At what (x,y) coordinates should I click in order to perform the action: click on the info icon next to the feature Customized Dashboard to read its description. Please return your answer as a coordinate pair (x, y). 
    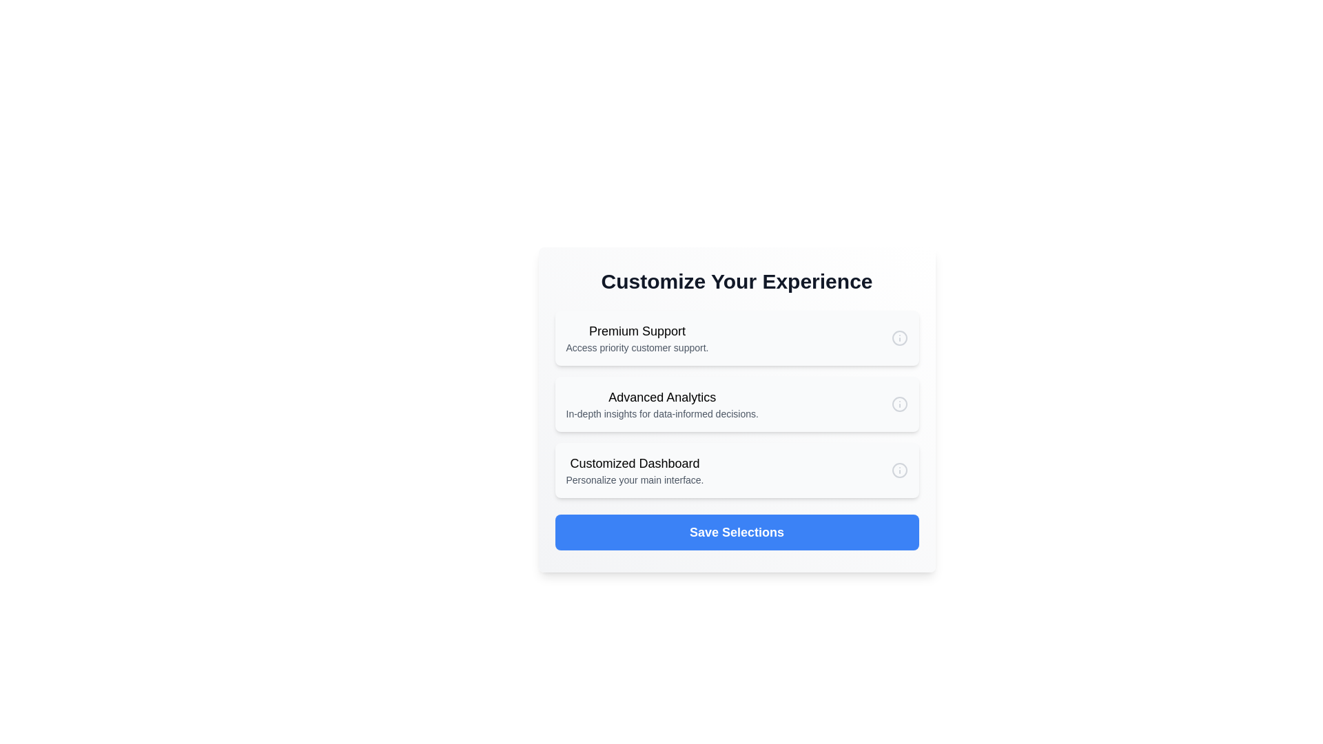
    Looking at the image, I should click on (899, 469).